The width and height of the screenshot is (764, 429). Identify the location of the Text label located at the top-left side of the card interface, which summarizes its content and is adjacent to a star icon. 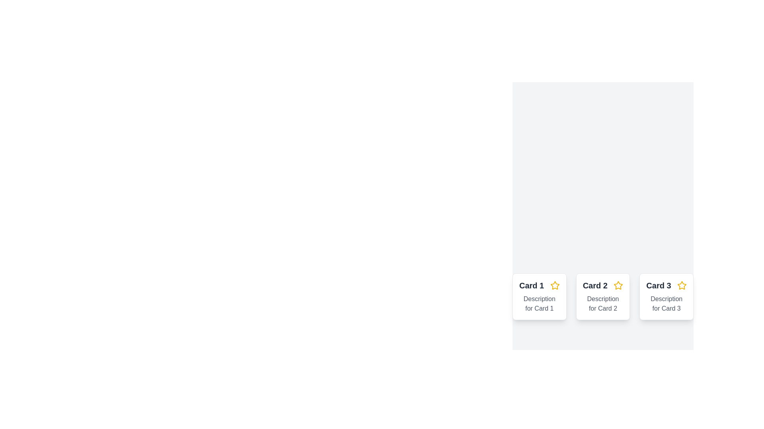
(532, 285).